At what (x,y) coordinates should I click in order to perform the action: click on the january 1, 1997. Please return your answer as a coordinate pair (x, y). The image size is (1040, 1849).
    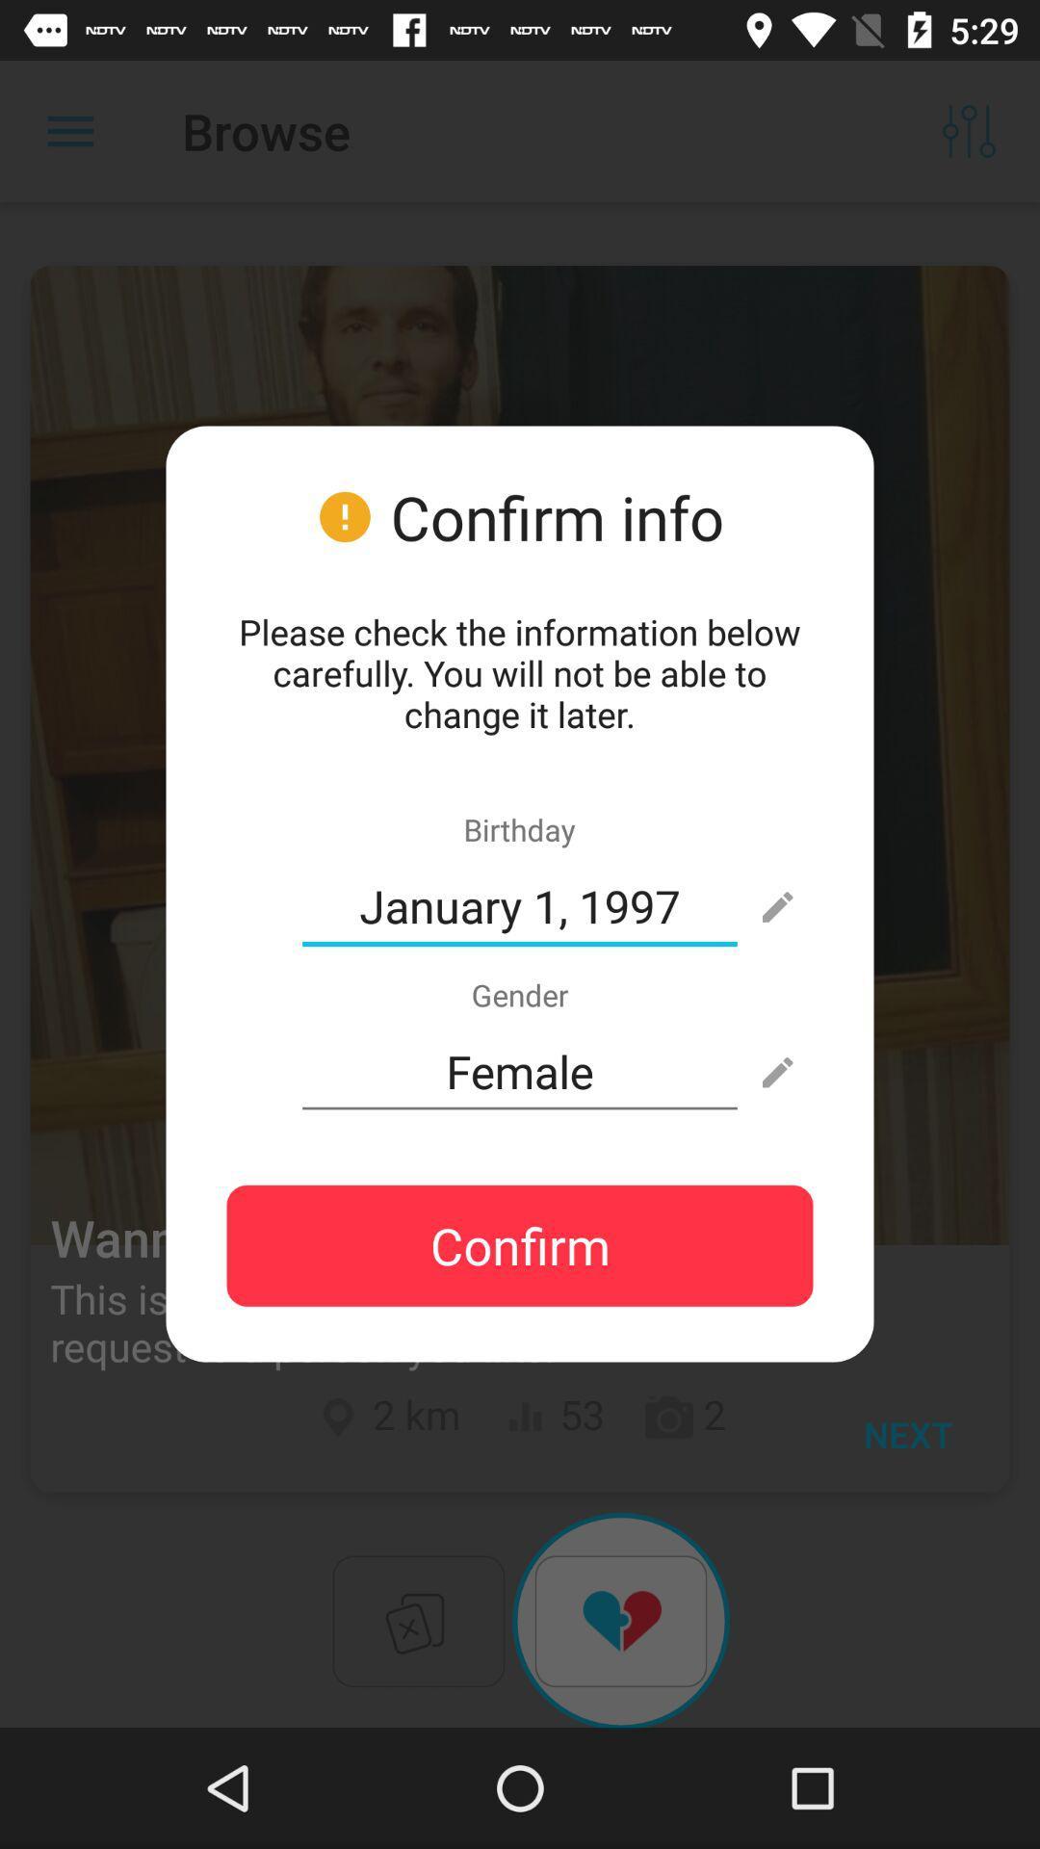
    Looking at the image, I should click on (520, 905).